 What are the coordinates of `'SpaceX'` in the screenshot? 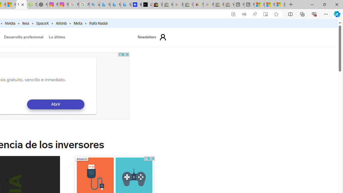 It's located at (42, 23).